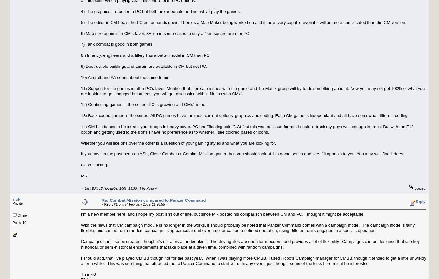 The image size is (439, 279). I want to click on 'rick', so click(16, 199).